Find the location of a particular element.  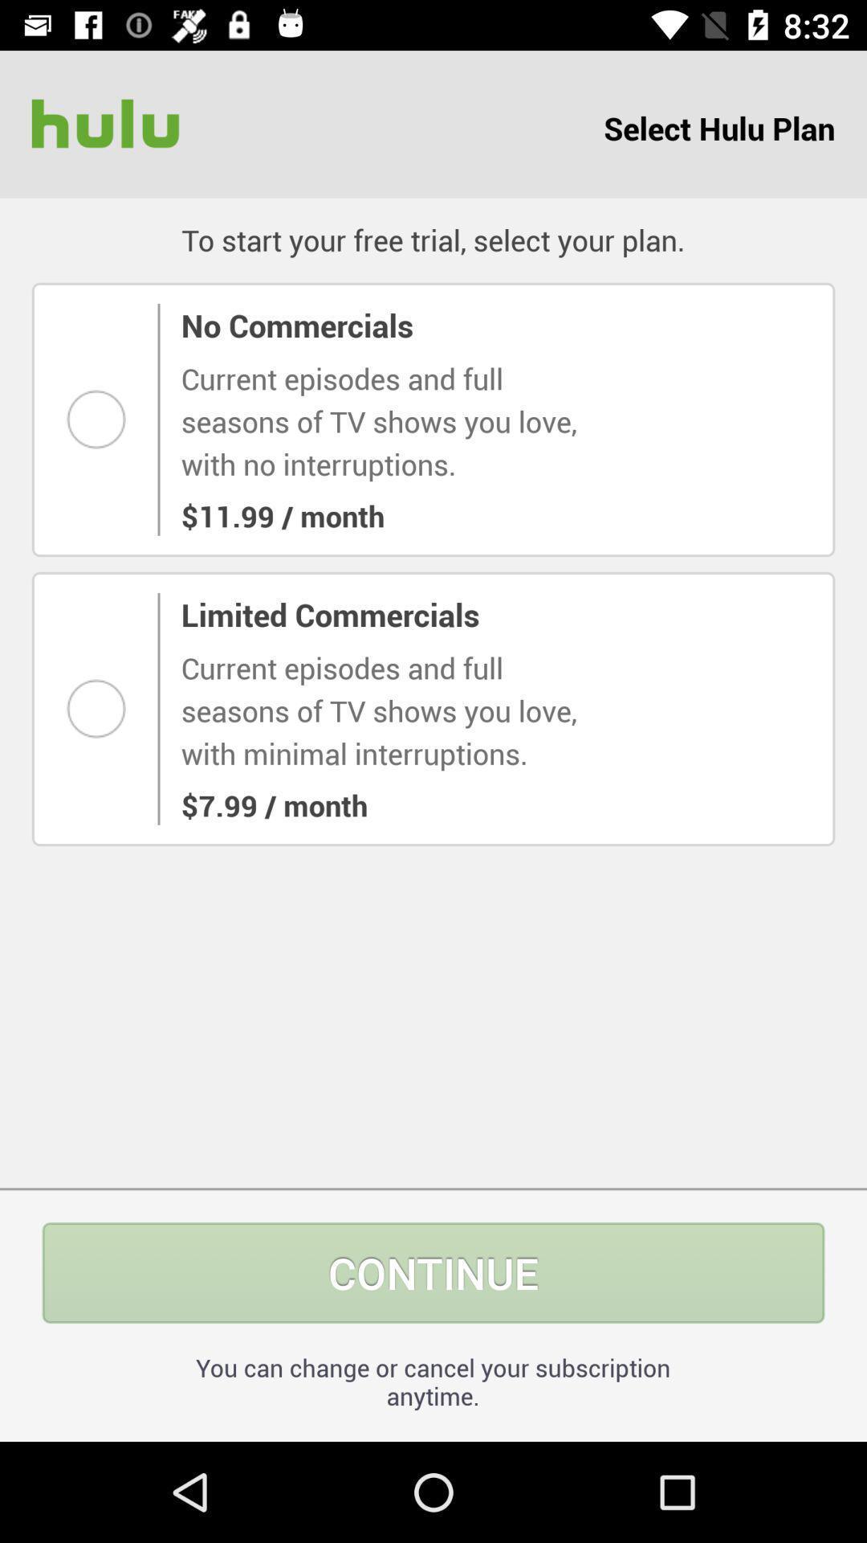

option button is located at coordinates (101, 708).